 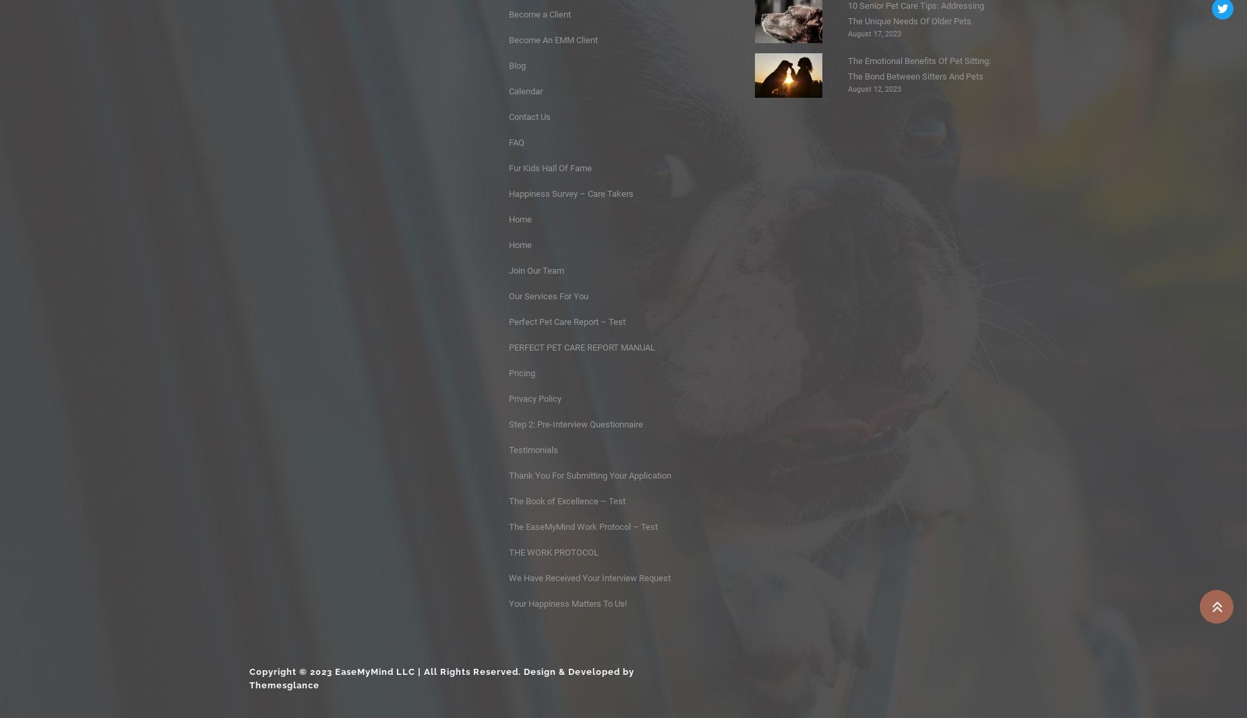 What do you see at coordinates (386, 671) in the screenshot?
I see `'Copyright © 2023 EaseMyMind LLC | All Rights Reserved.'` at bounding box center [386, 671].